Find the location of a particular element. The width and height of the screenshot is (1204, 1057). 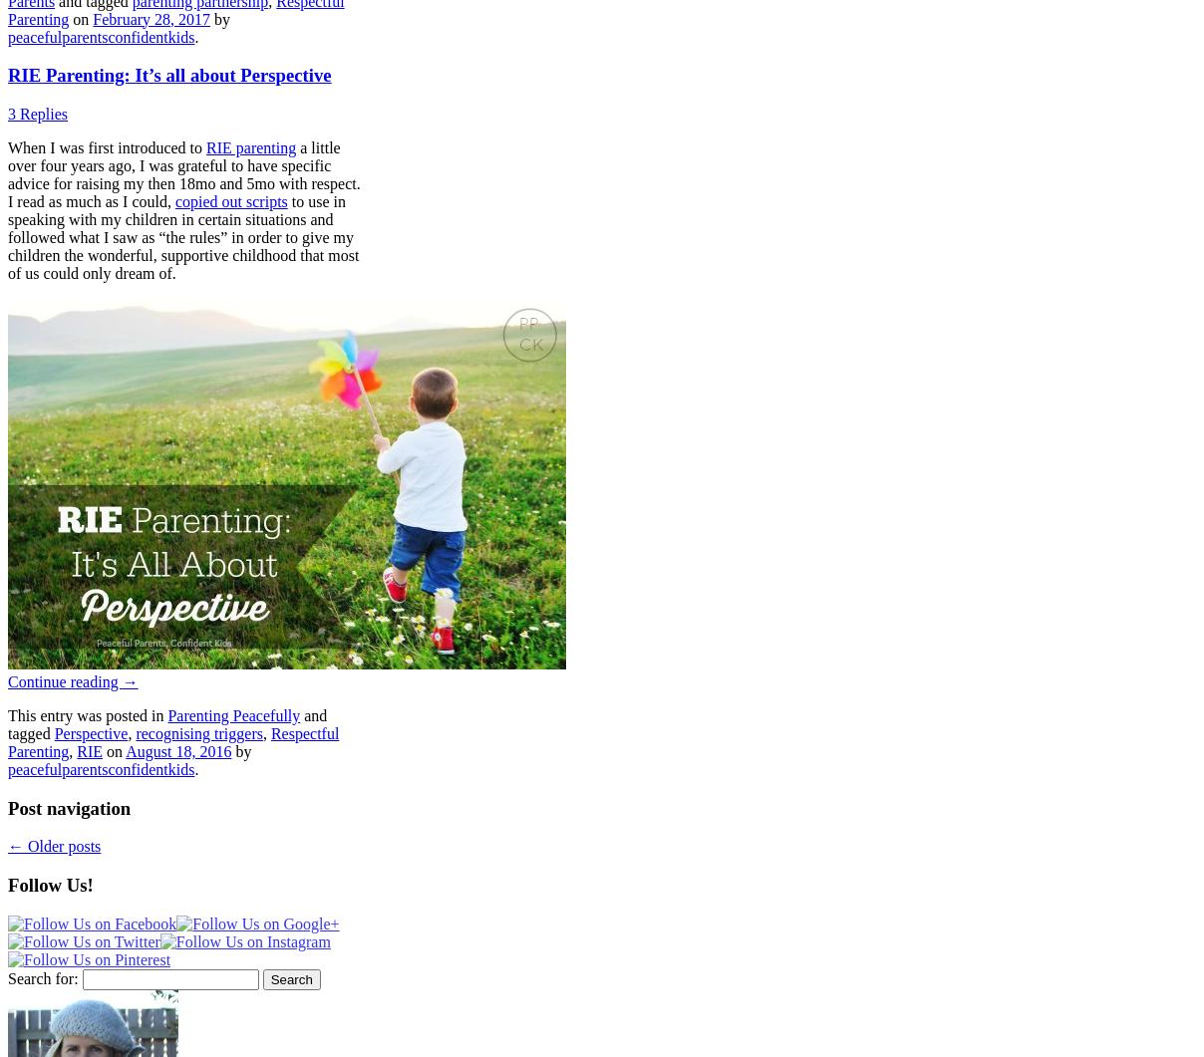

'Parenting Peacefully' is located at coordinates (233, 715).